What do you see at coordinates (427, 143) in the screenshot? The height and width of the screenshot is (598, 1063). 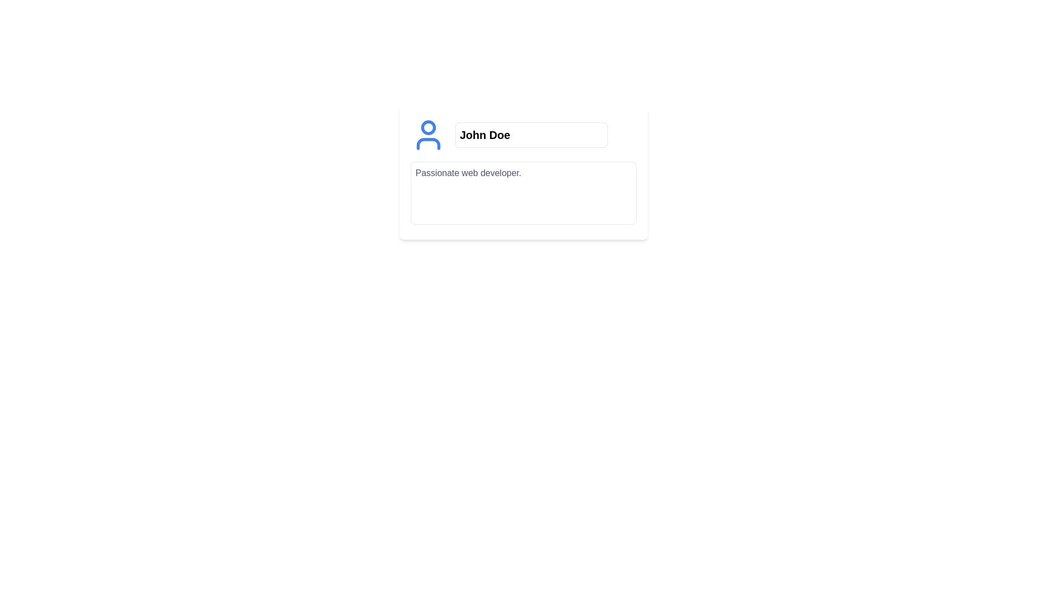 I see `semi-rounded rectangle element representing the user profile, located at the base of the user icon in the developer tools` at bounding box center [427, 143].